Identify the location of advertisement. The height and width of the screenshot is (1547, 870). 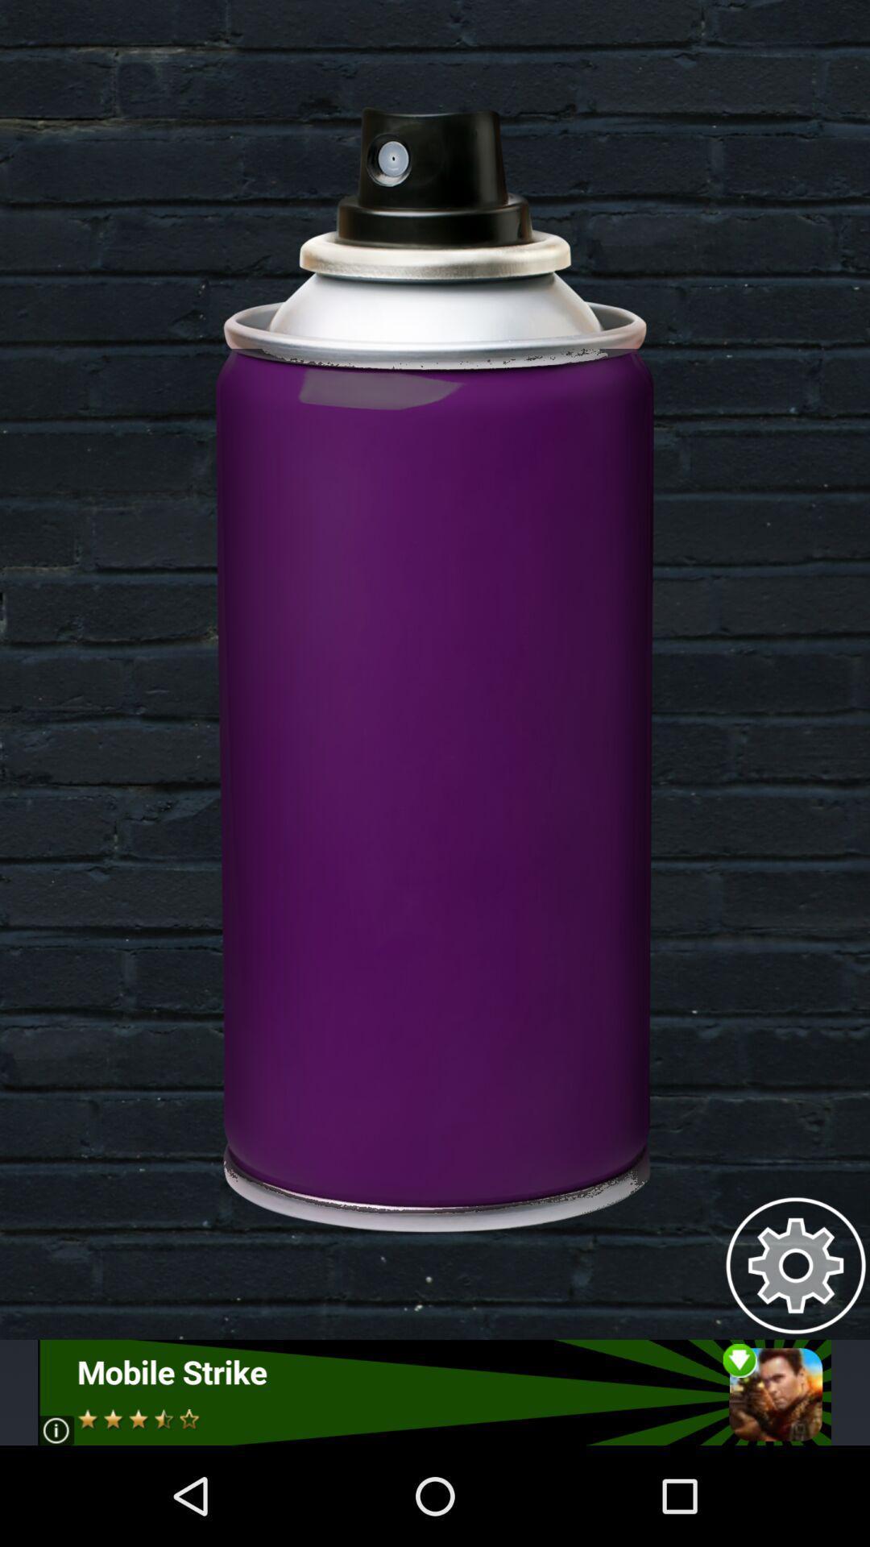
(433, 1391).